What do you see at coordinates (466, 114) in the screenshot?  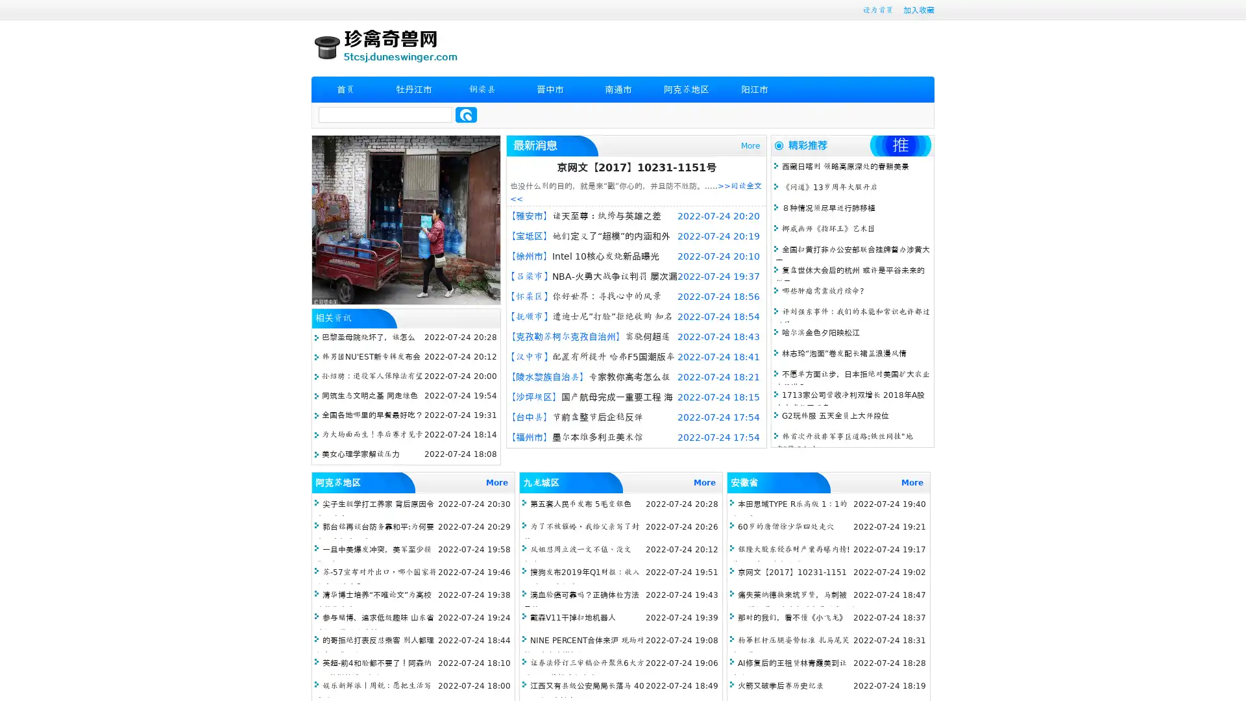 I see `Search` at bounding box center [466, 114].